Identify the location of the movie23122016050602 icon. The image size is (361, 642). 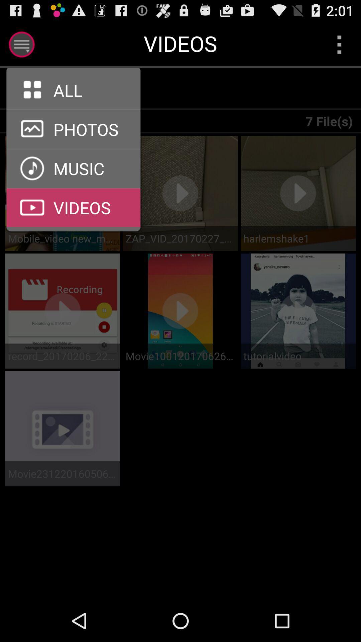
(63, 473).